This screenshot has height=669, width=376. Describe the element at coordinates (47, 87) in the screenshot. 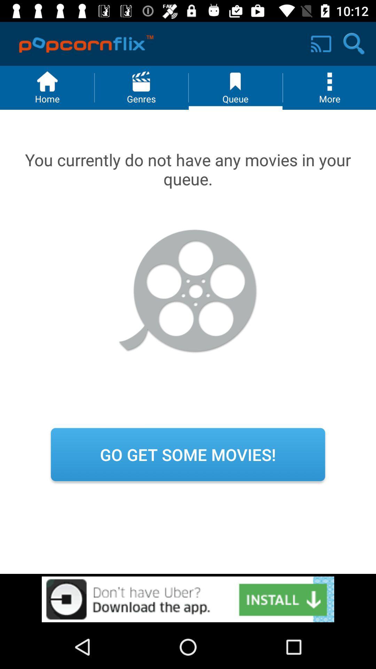

I see `on home button` at that location.